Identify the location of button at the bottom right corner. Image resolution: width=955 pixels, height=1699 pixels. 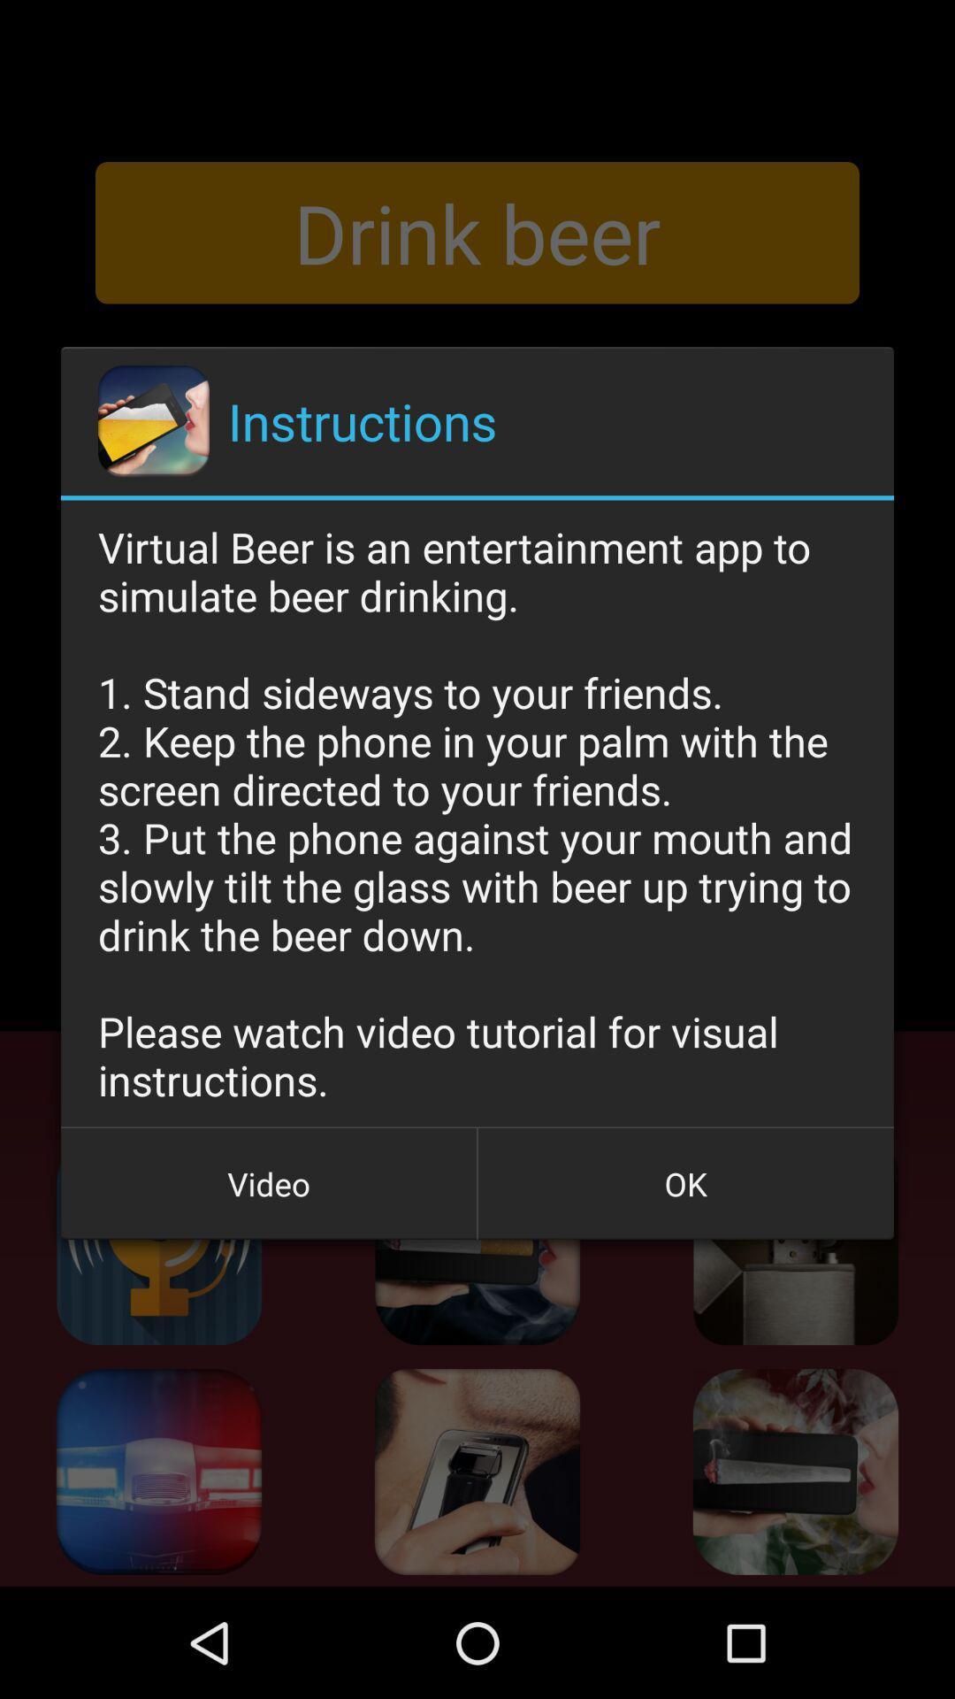
(684, 1184).